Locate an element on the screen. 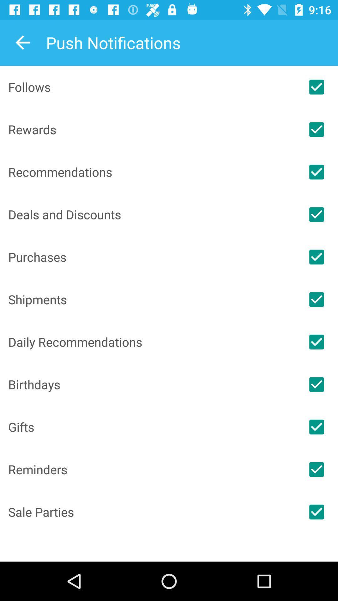 This screenshot has width=338, height=601. enable/disable notifications for recommendations is located at coordinates (316, 172).